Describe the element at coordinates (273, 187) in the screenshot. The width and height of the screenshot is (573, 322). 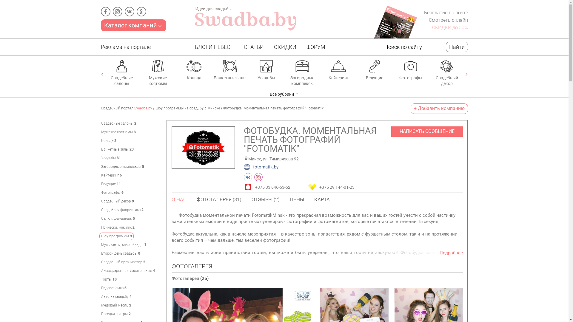
I see `'+375 33 646-53-52'` at that location.